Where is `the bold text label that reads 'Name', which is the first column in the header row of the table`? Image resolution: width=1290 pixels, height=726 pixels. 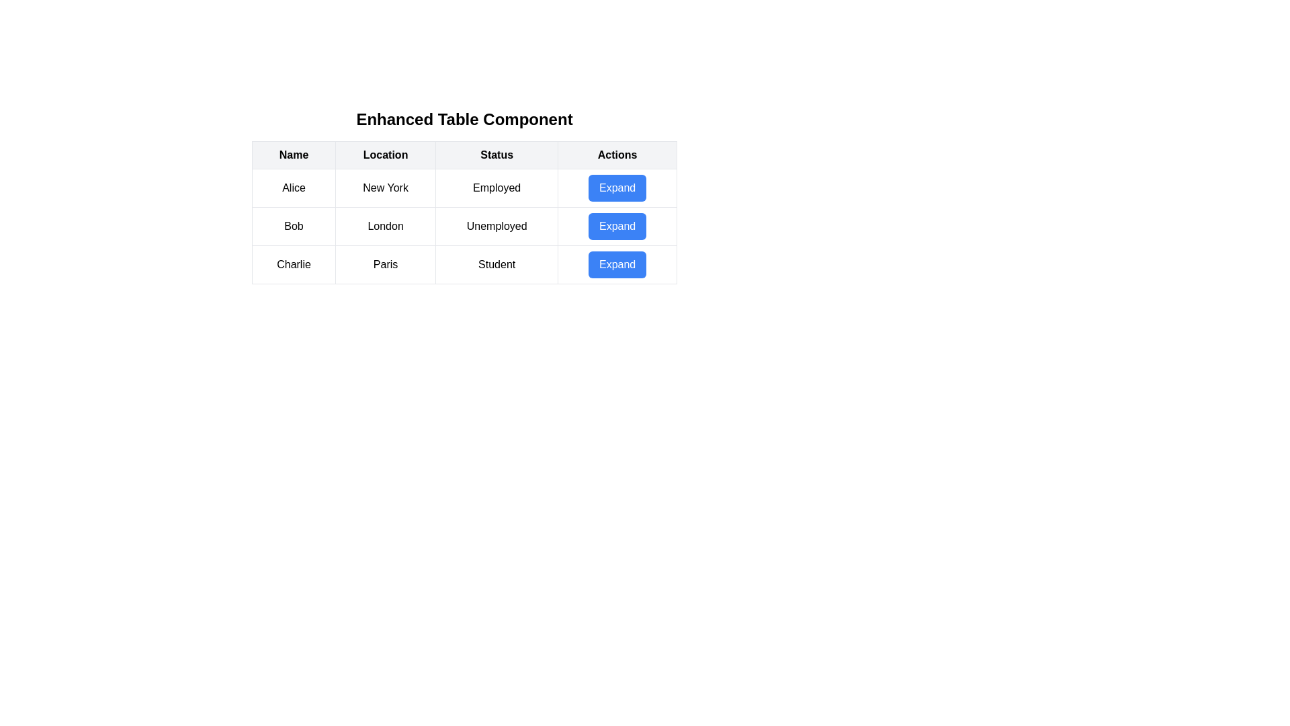 the bold text label that reads 'Name', which is the first column in the header row of the table is located at coordinates (293, 155).